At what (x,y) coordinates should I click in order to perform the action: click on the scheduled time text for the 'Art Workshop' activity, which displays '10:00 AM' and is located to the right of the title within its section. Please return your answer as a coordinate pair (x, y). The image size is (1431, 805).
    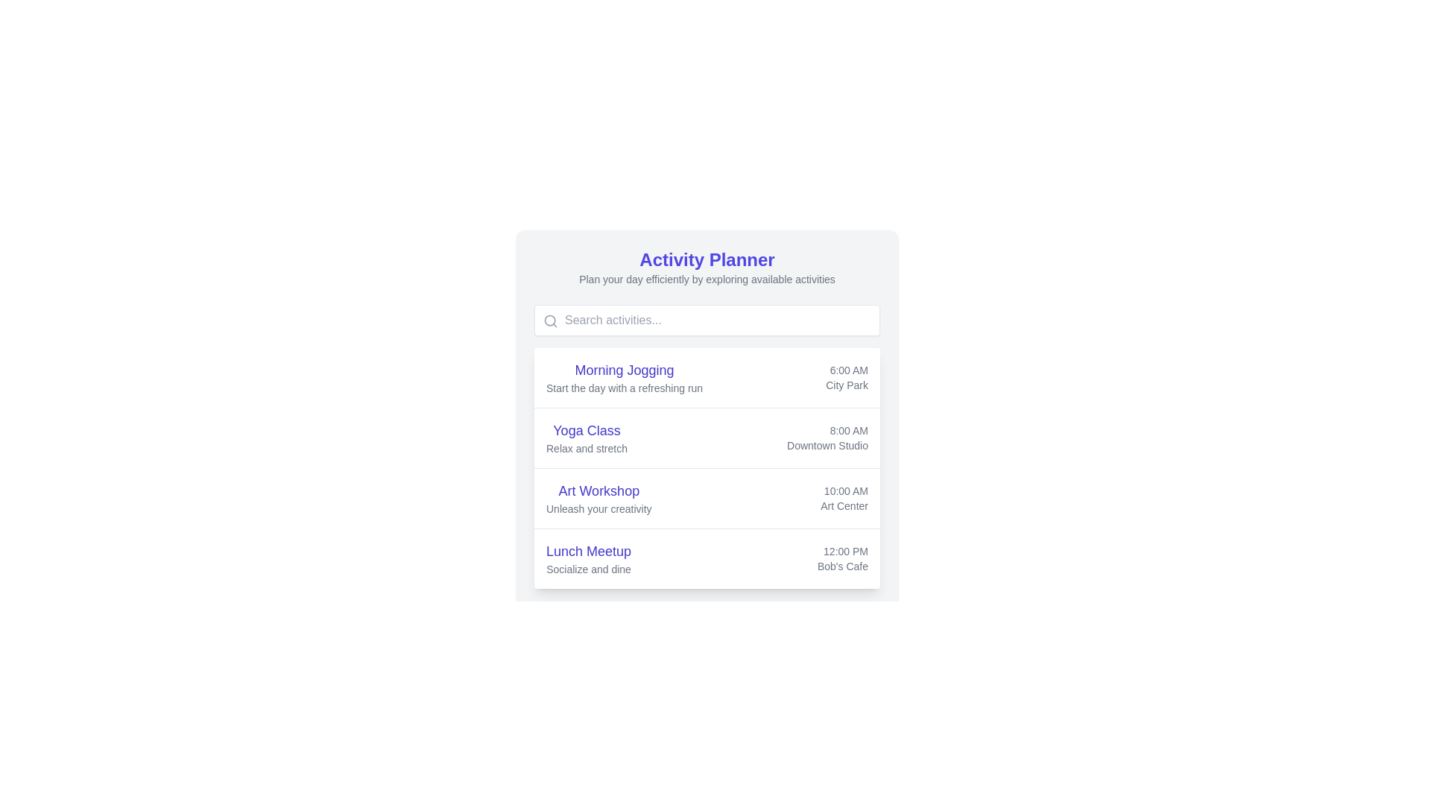
    Looking at the image, I should click on (844, 491).